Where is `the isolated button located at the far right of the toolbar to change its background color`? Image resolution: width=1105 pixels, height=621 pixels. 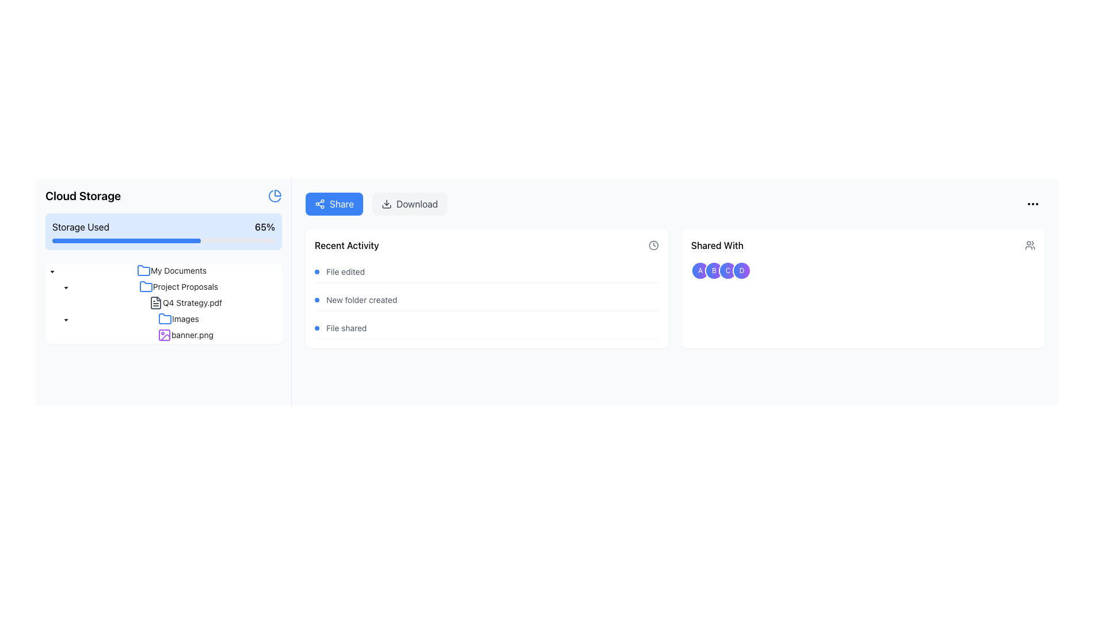
the isolated button located at the far right of the toolbar to change its background color is located at coordinates (1033, 203).